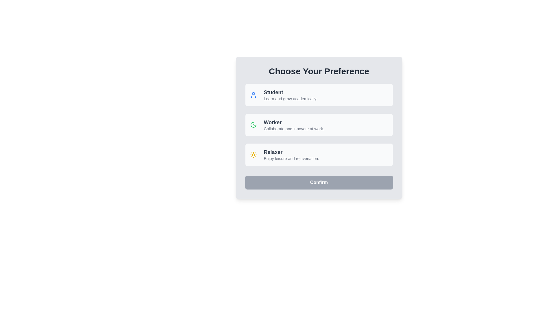 The height and width of the screenshot is (312, 555). I want to click on the second selectable option in the group titled 'Worker', which is visually represented with an icon and descriptive text, so click(319, 125).